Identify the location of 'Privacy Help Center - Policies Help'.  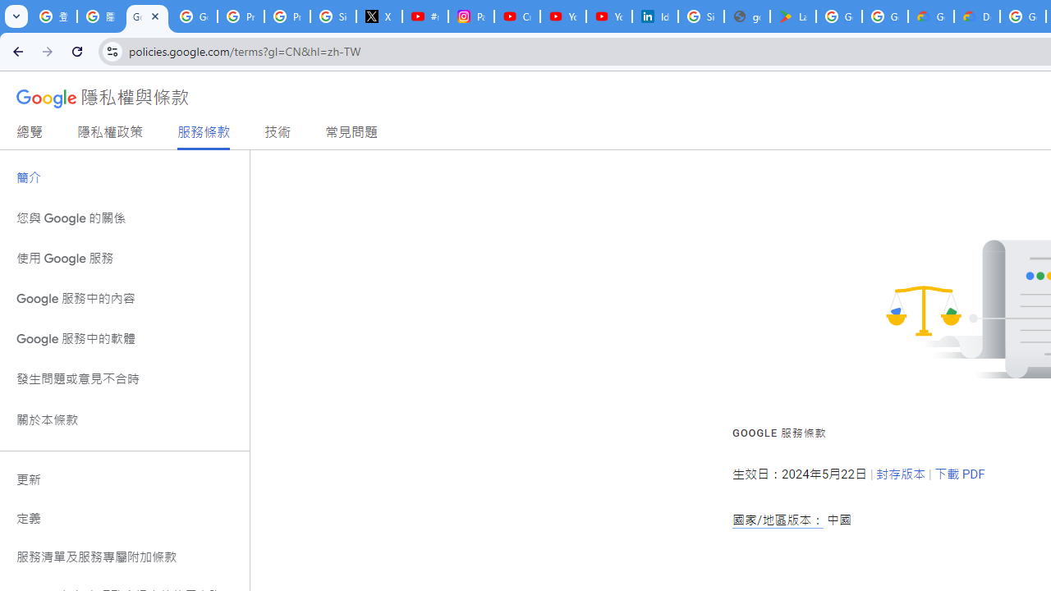
(287, 16).